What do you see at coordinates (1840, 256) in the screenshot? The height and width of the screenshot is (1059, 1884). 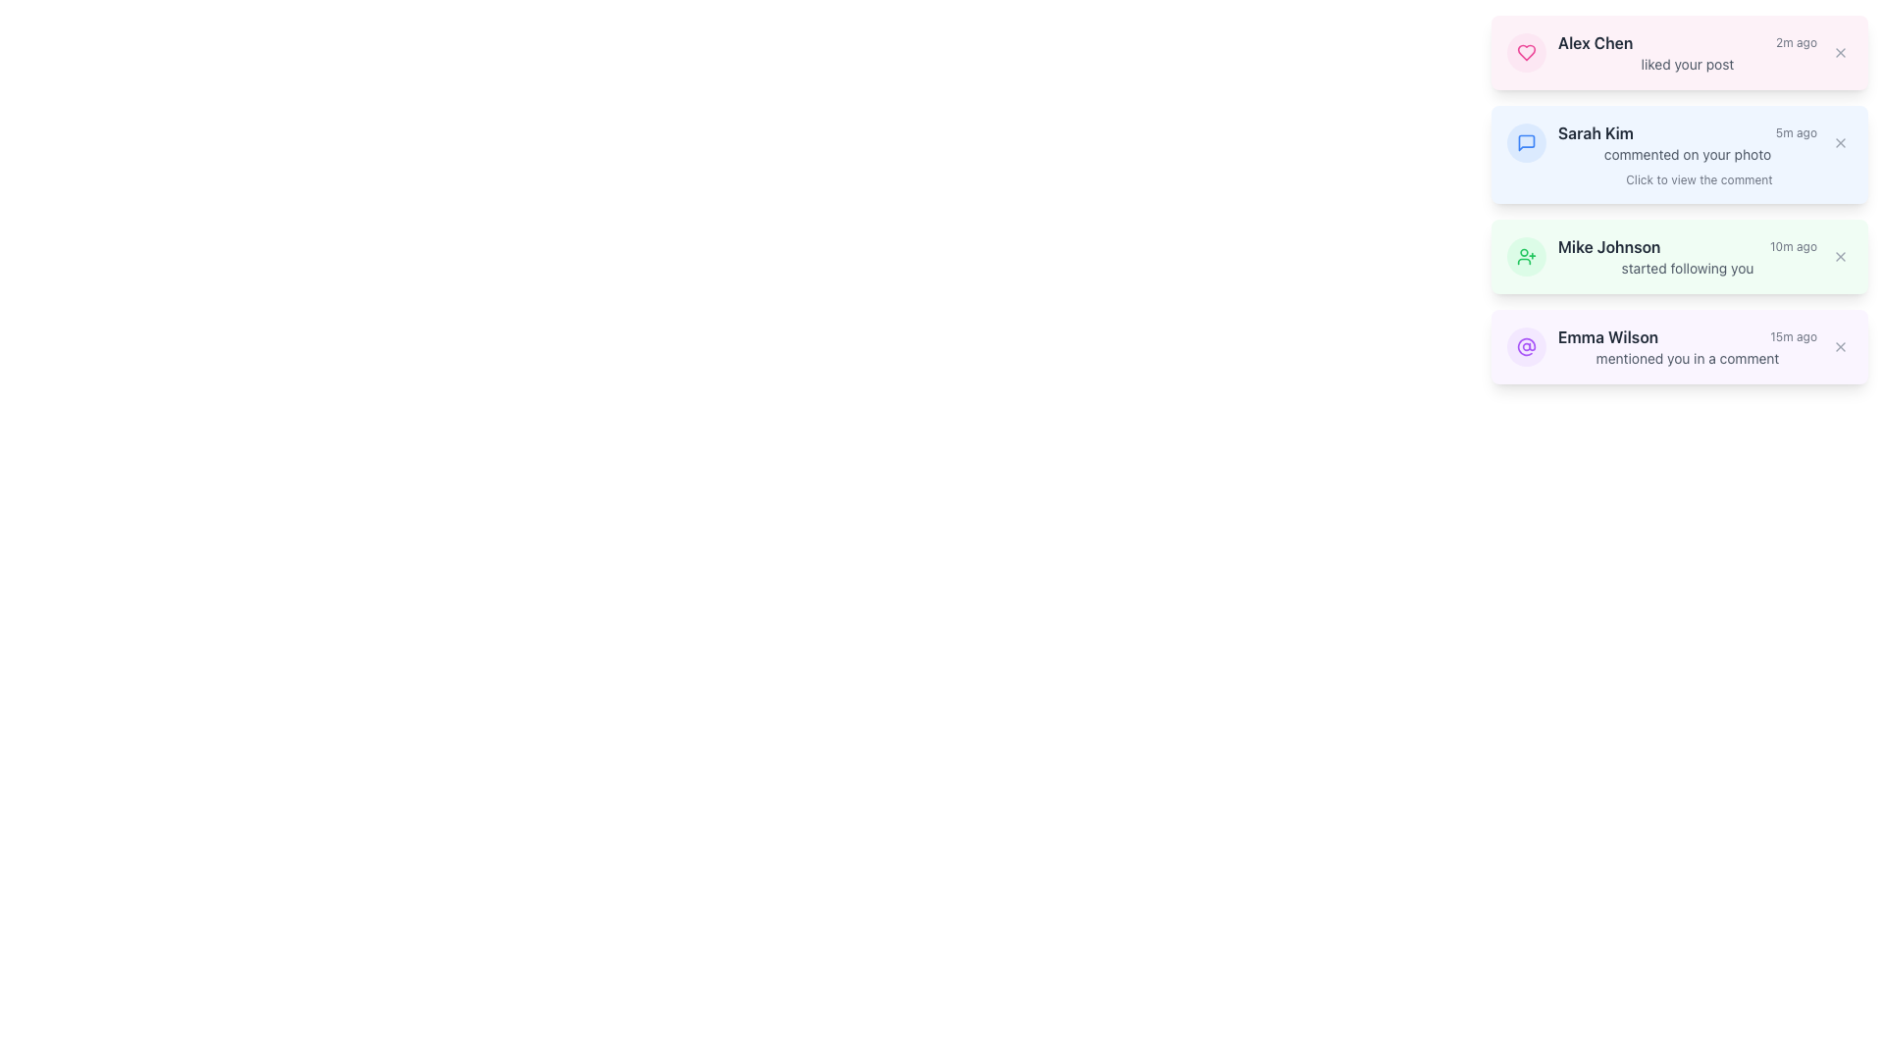 I see `the dismiss button located in the top-right section of the notification item for 'Mike Johnson started following you'` at bounding box center [1840, 256].